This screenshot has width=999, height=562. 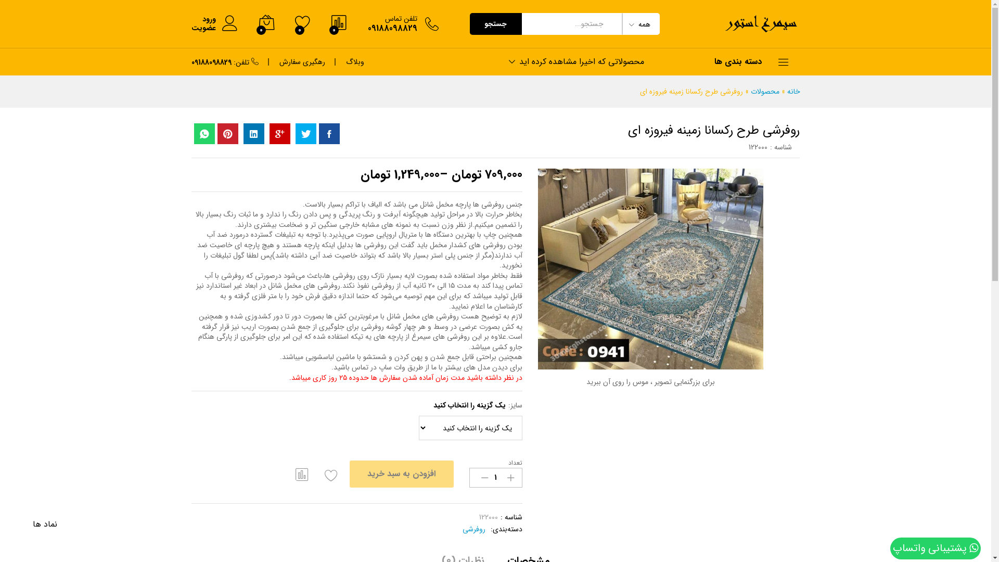 I want to click on '0', so click(x=294, y=23).